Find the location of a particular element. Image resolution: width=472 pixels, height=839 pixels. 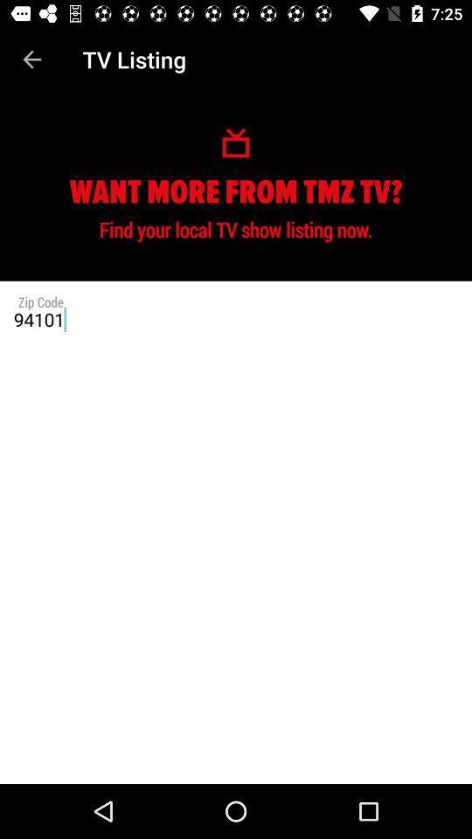

item below find your local icon is located at coordinates (236, 318).